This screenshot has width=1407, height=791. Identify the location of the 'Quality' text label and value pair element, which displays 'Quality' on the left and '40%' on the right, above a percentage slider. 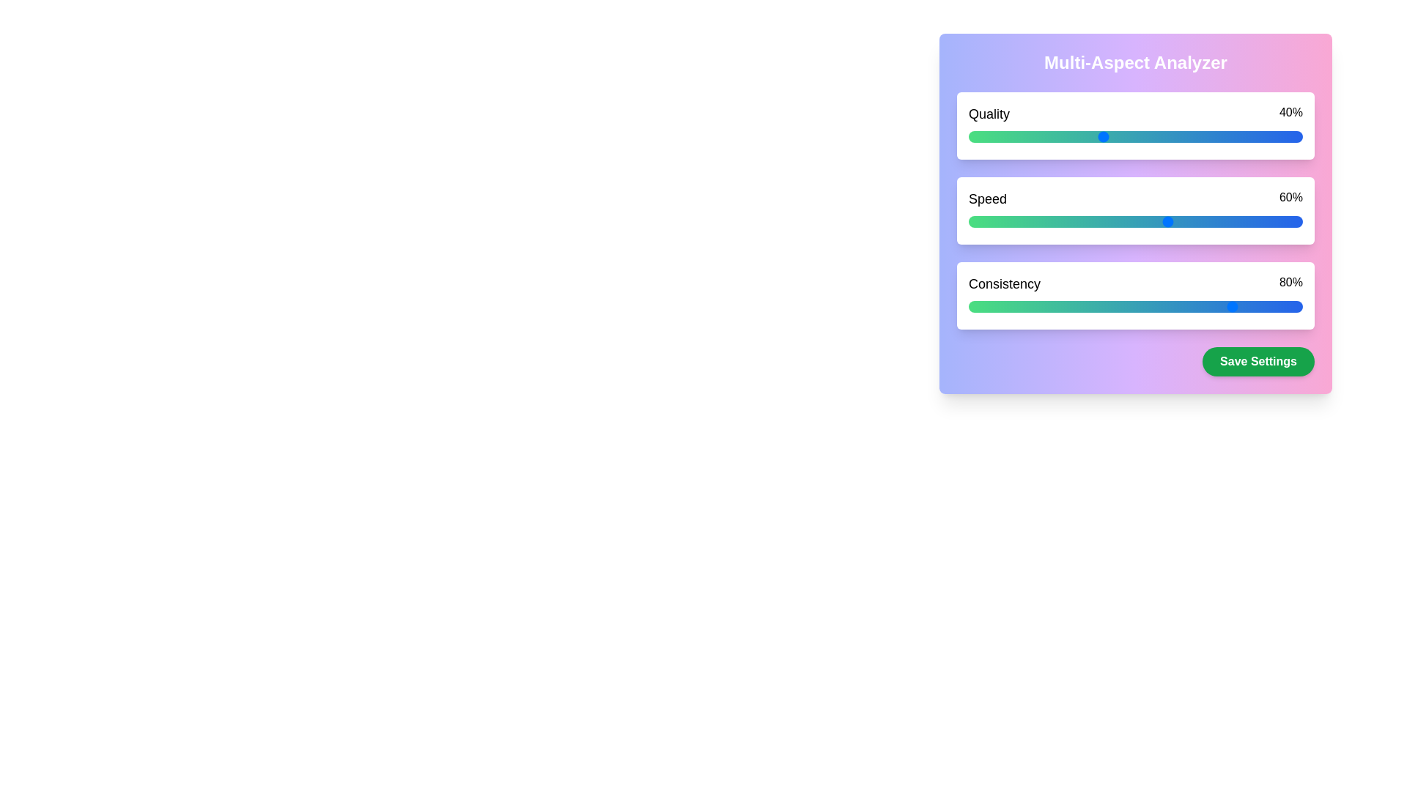
(1135, 113).